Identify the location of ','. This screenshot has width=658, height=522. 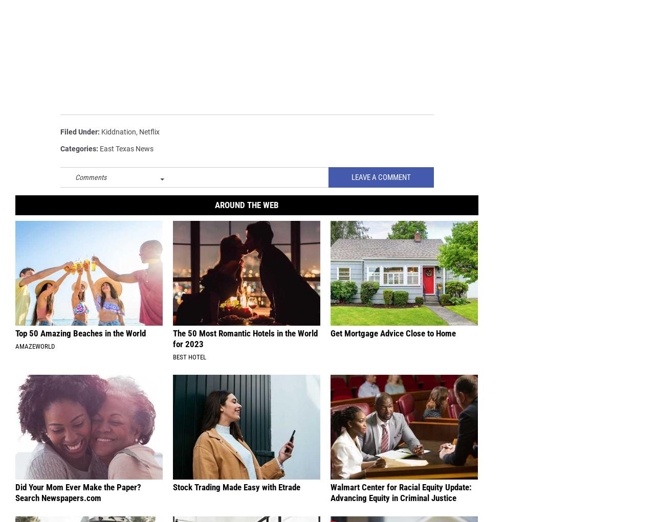
(136, 132).